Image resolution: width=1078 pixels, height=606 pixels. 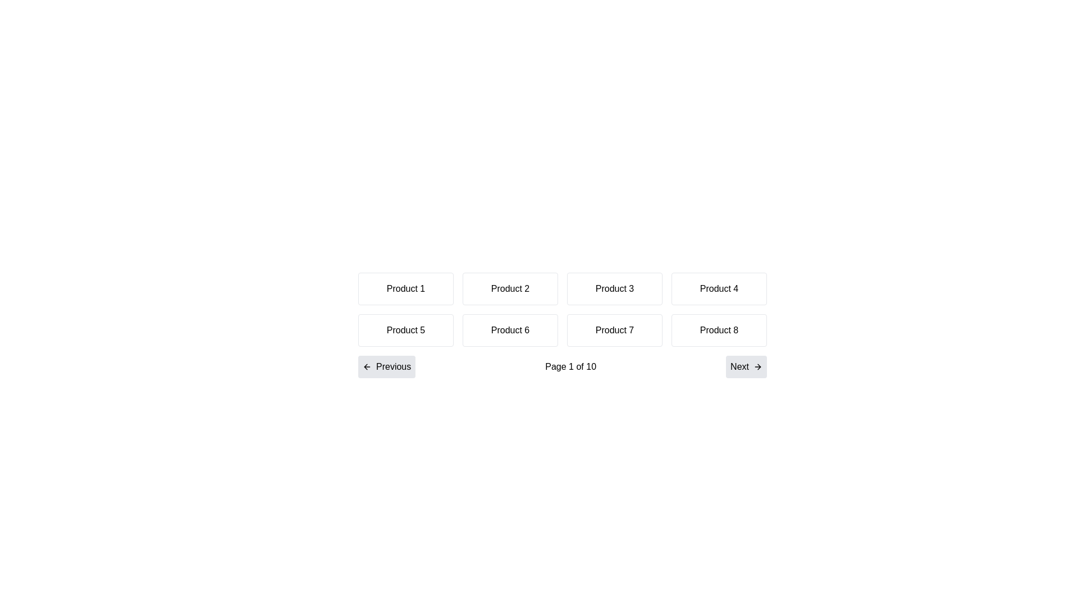 What do you see at coordinates (394, 367) in the screenshot?
I see `the 'Previous' text label within the button control located at the bottom-left corner of the pagination control` at bounding box center [394, 367].